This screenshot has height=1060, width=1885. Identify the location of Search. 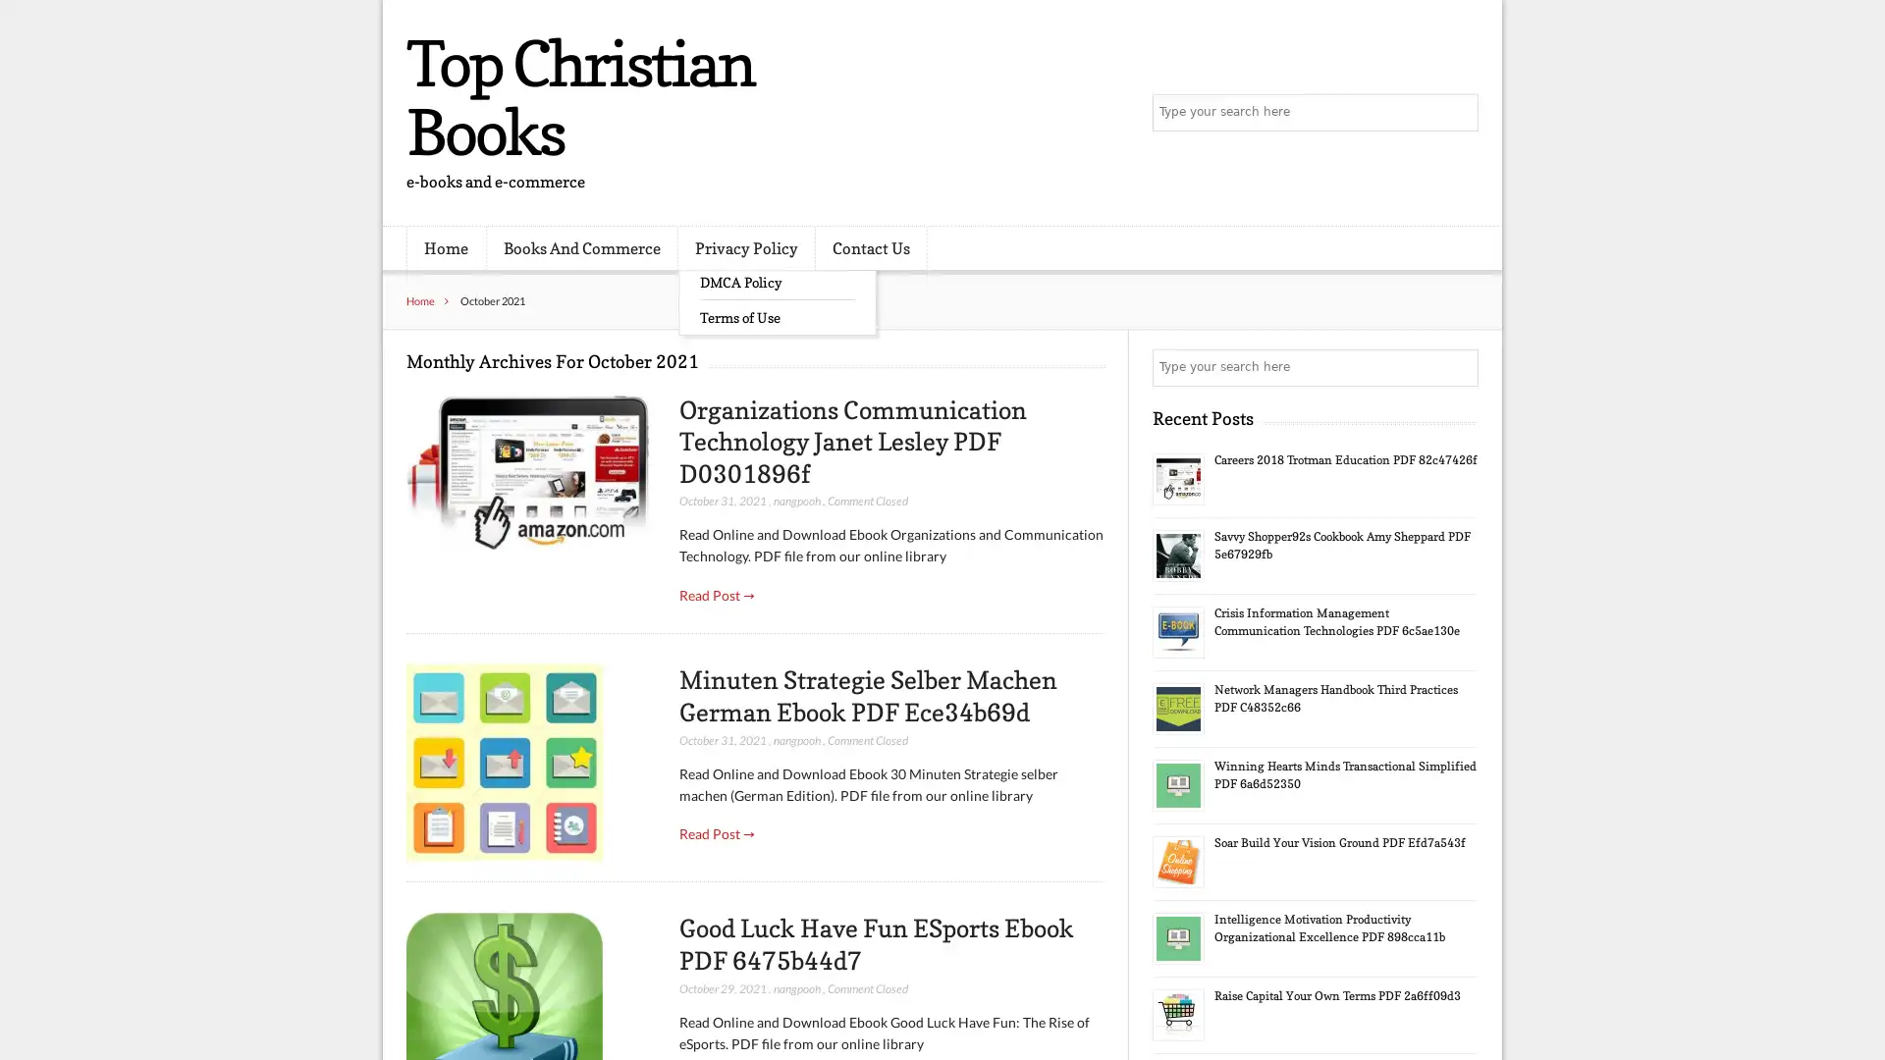
(1458, 113).